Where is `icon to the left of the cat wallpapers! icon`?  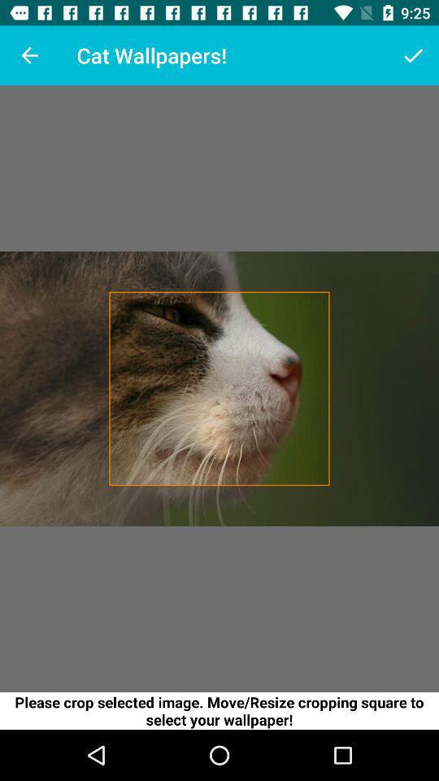
icon to the left of the cat wallpapers! icon is located at coordinates (29, 55).